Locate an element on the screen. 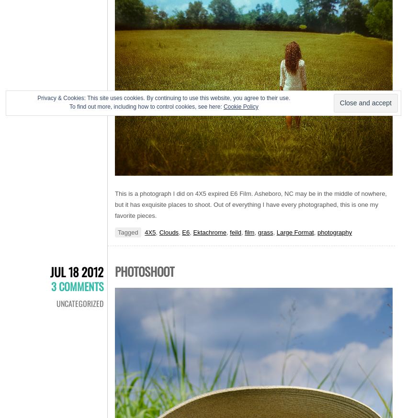 The width and height of the screenshot is (407, 418). 'E6' is located at coordinates (186, 232).